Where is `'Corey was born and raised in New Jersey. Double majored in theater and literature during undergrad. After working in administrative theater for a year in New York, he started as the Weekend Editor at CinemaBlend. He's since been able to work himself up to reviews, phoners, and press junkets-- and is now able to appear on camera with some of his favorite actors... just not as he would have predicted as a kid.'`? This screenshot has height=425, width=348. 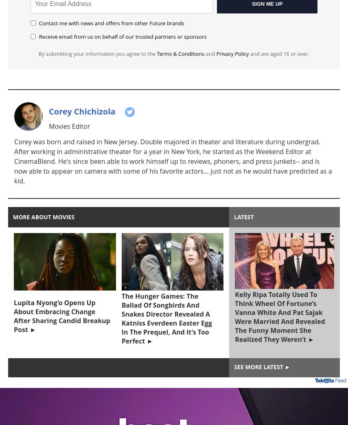 'Corey was born and raised in New Jersey. Double majored in theater and literature during undergrad. After working in administrative theater for a year in New York, he started as the Weekend Editor at CinemaBlend. He's since been able to work himself up to reviews, phoners, and press junkets-- and is now able to appear on camera with some of his favorite actors... just not as he would have predicted as a kid.' is located at coordinates (13, 161).